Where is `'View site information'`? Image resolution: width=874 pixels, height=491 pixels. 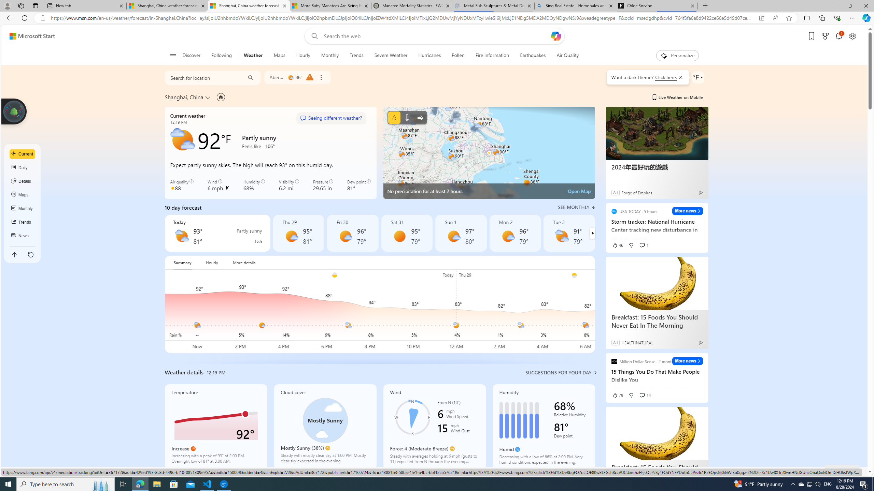
'View site information' is located at coordinates (43, 18).